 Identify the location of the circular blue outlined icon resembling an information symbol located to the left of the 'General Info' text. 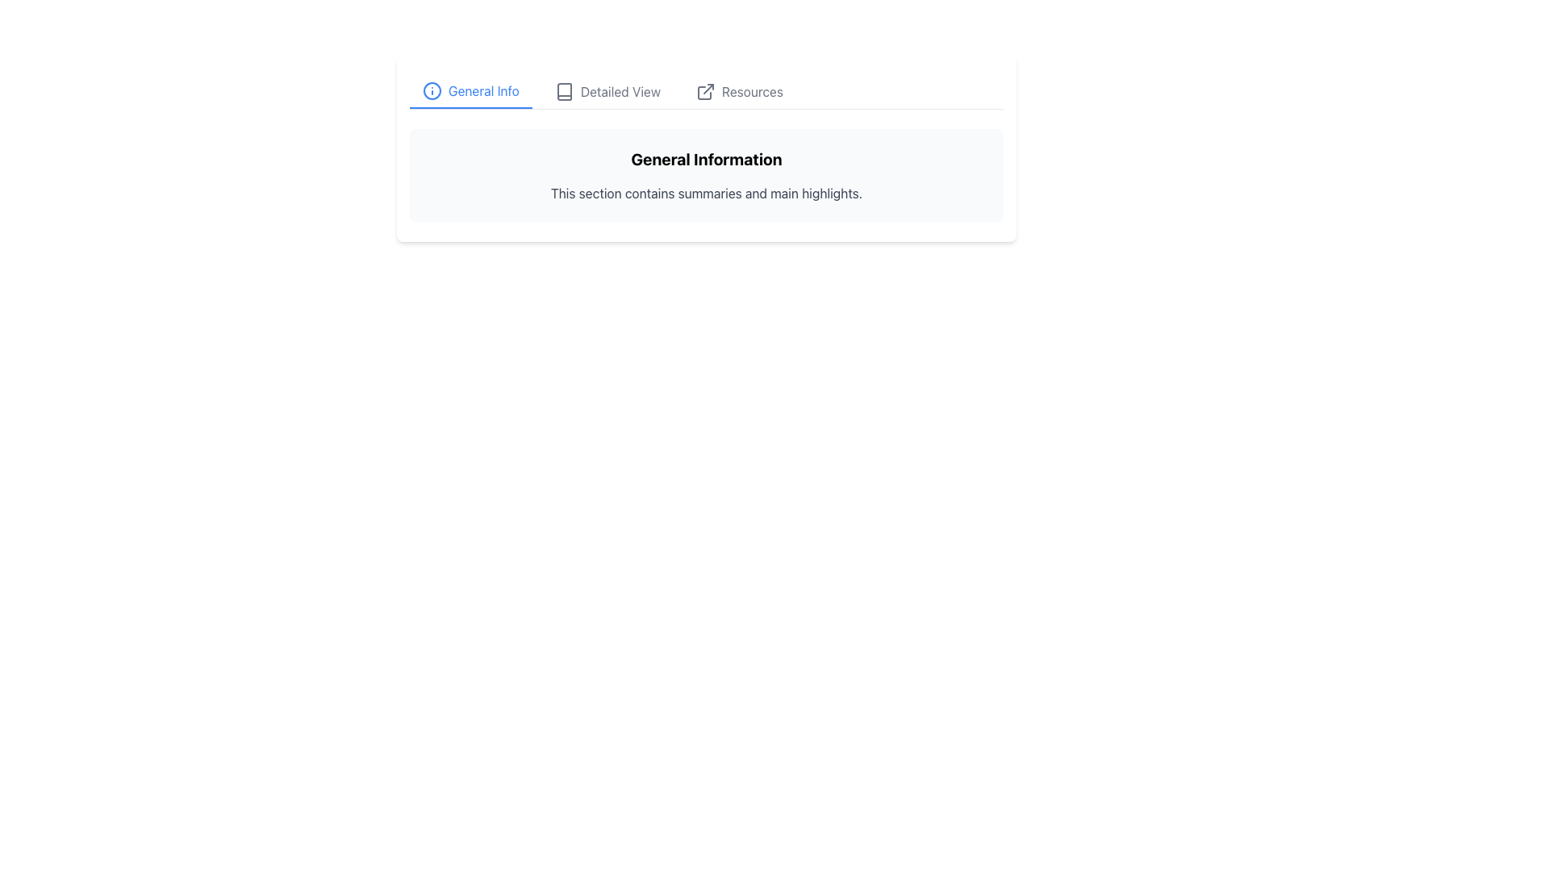
(432, 90).